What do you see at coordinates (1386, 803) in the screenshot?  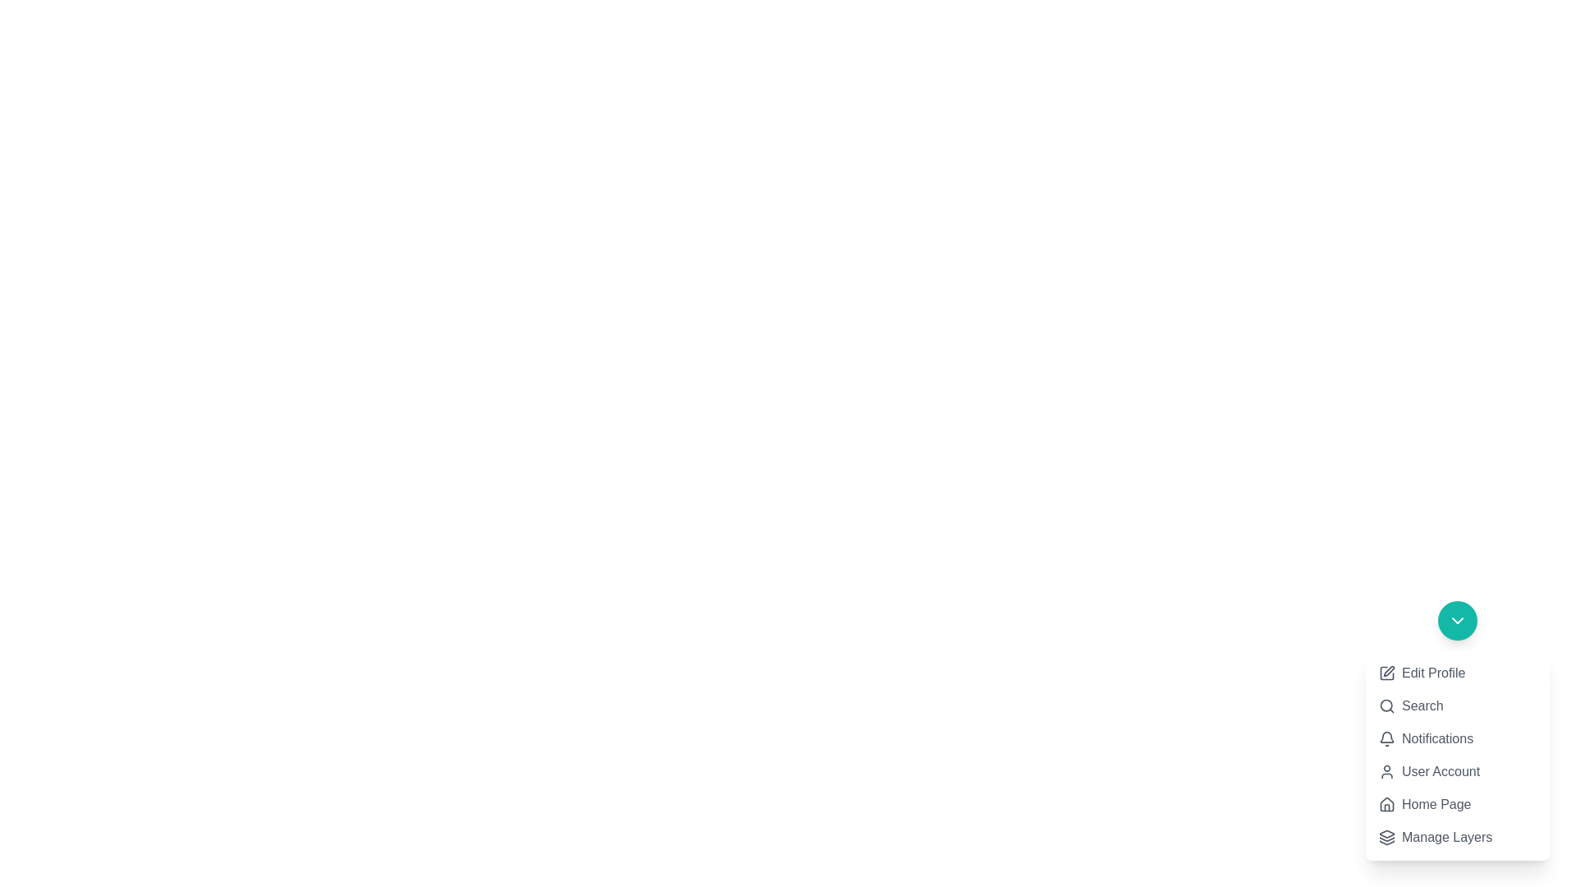 I see `the home icon in the dropdown menu` at bounding box center [1386, 803].